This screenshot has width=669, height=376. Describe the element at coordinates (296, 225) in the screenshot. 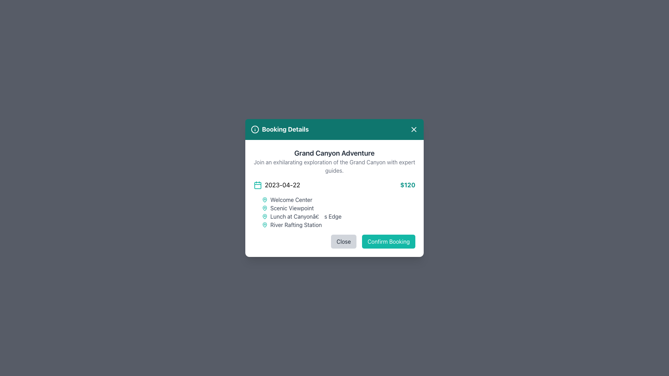

I see `the text label 'River Rafting Station' which is the fourth item in the vertical list under 'Booking Details', located below 'Lunch at Canyon’s Edge'` at that location.